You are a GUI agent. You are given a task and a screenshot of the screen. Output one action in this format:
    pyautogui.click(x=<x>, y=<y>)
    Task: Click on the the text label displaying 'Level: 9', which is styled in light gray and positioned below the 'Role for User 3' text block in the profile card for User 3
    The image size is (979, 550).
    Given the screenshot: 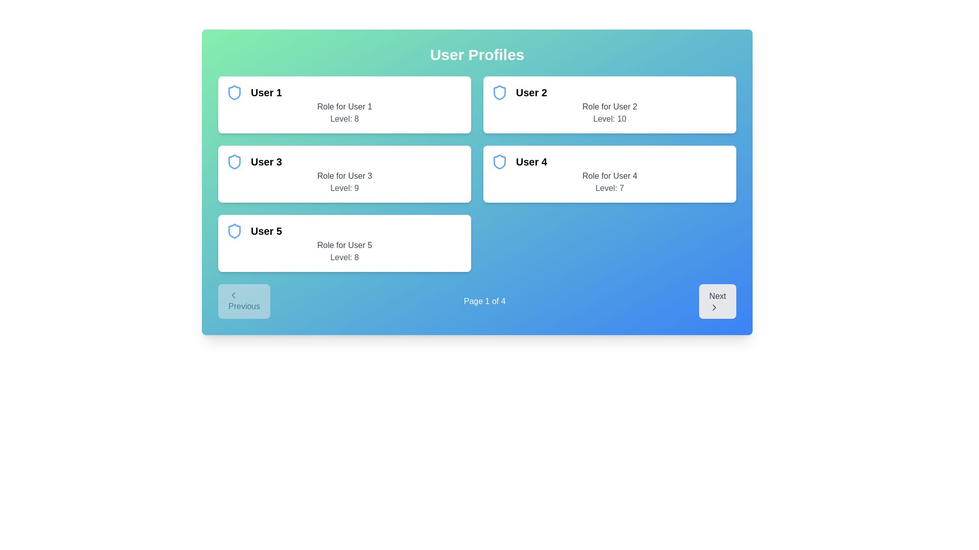 What is the action you would take?
    pyautogui.click(x=345, y=188)
    